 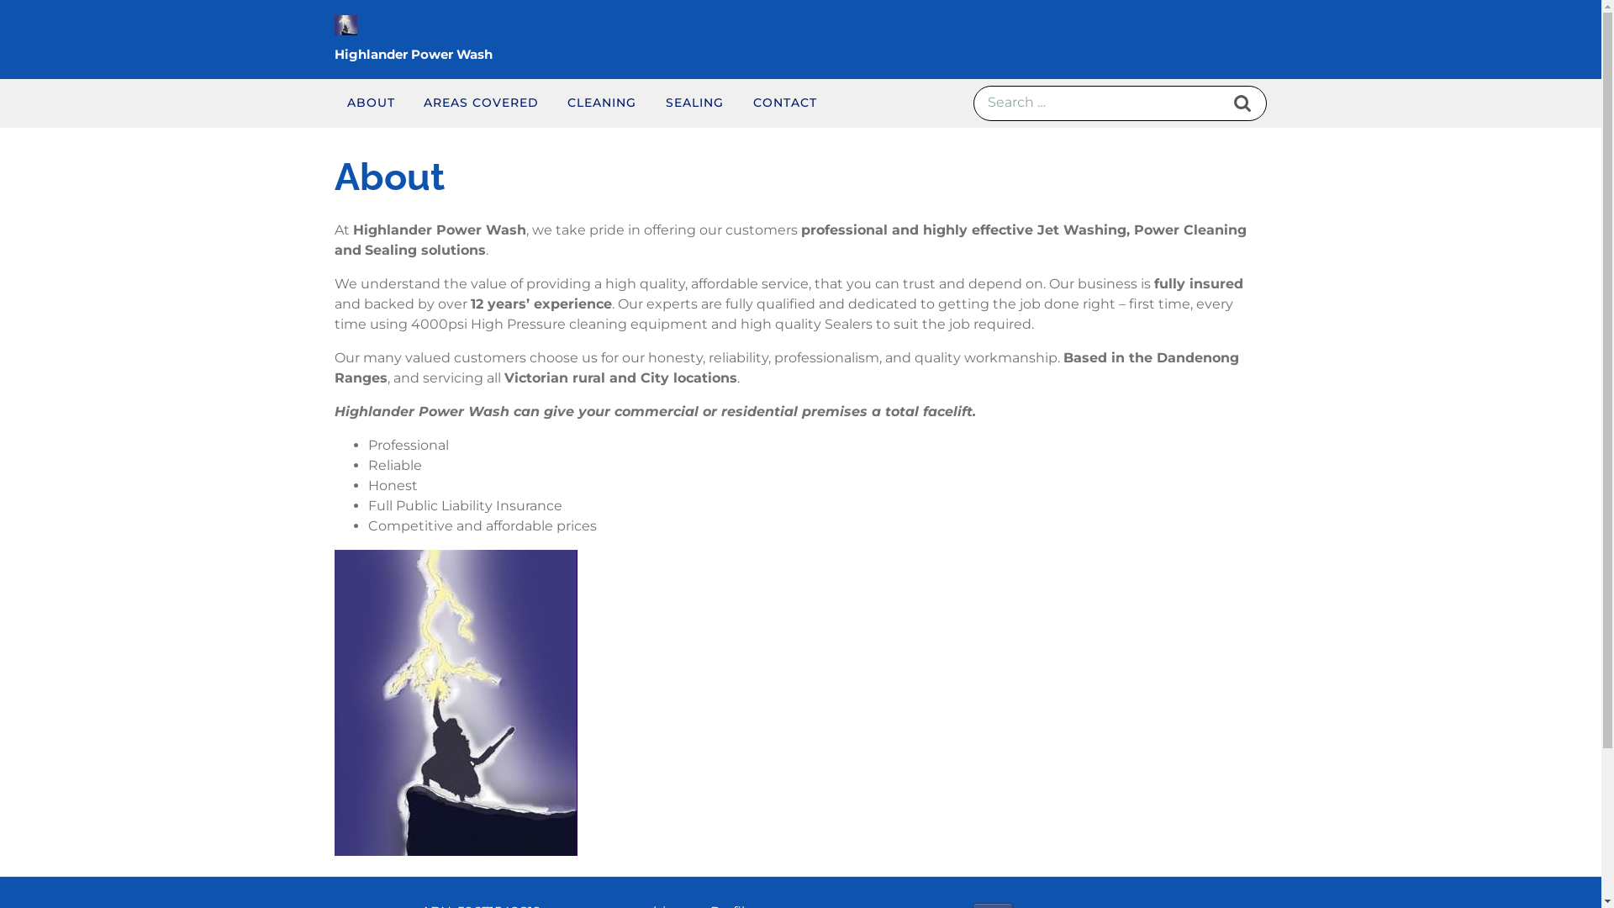 I want to click on 'SEALING', so click(x=694, y=103).